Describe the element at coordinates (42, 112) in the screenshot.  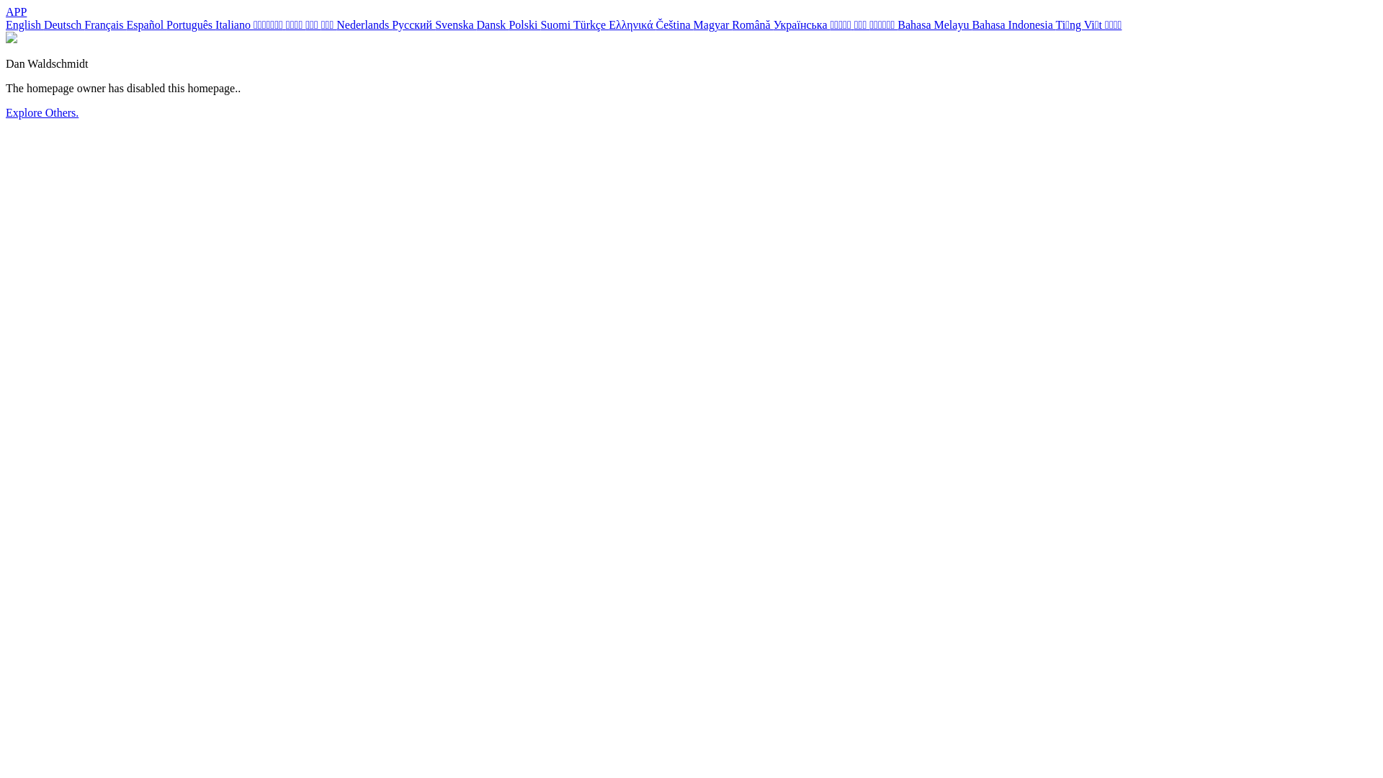
I see `'Explore Others.'` at that location.